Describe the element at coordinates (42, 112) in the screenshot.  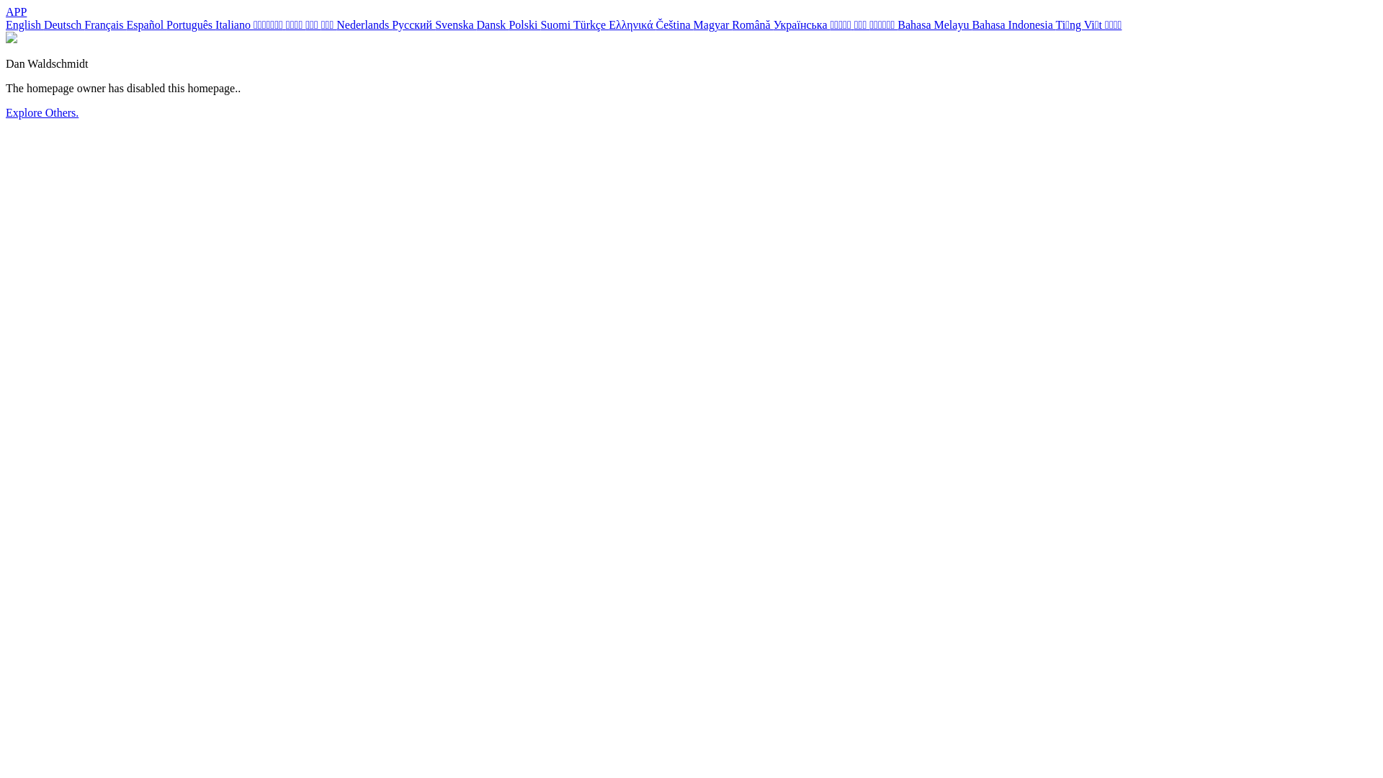
I see `'Explore Others.'` at that location.